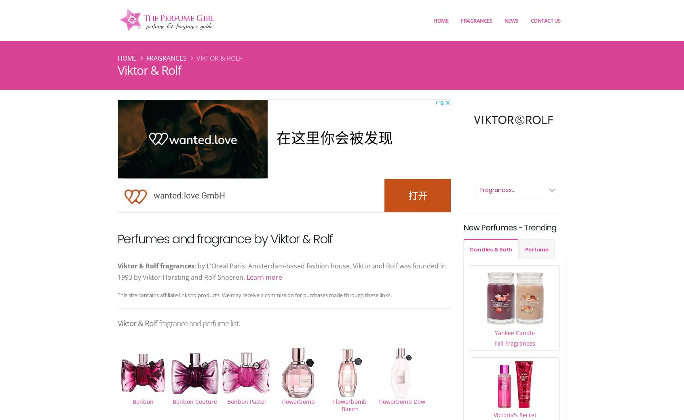  Describe the element at coordinates (156, 266) in the screenshot. I see `'Viktor & Rolf fragrances'` at that location.